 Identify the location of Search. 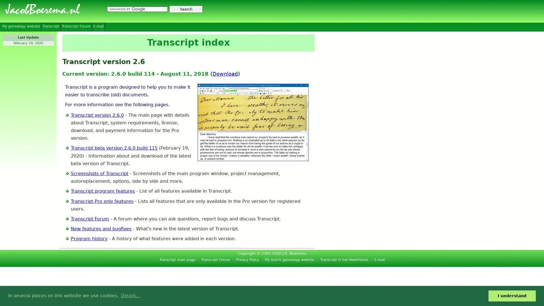
(186, 9).